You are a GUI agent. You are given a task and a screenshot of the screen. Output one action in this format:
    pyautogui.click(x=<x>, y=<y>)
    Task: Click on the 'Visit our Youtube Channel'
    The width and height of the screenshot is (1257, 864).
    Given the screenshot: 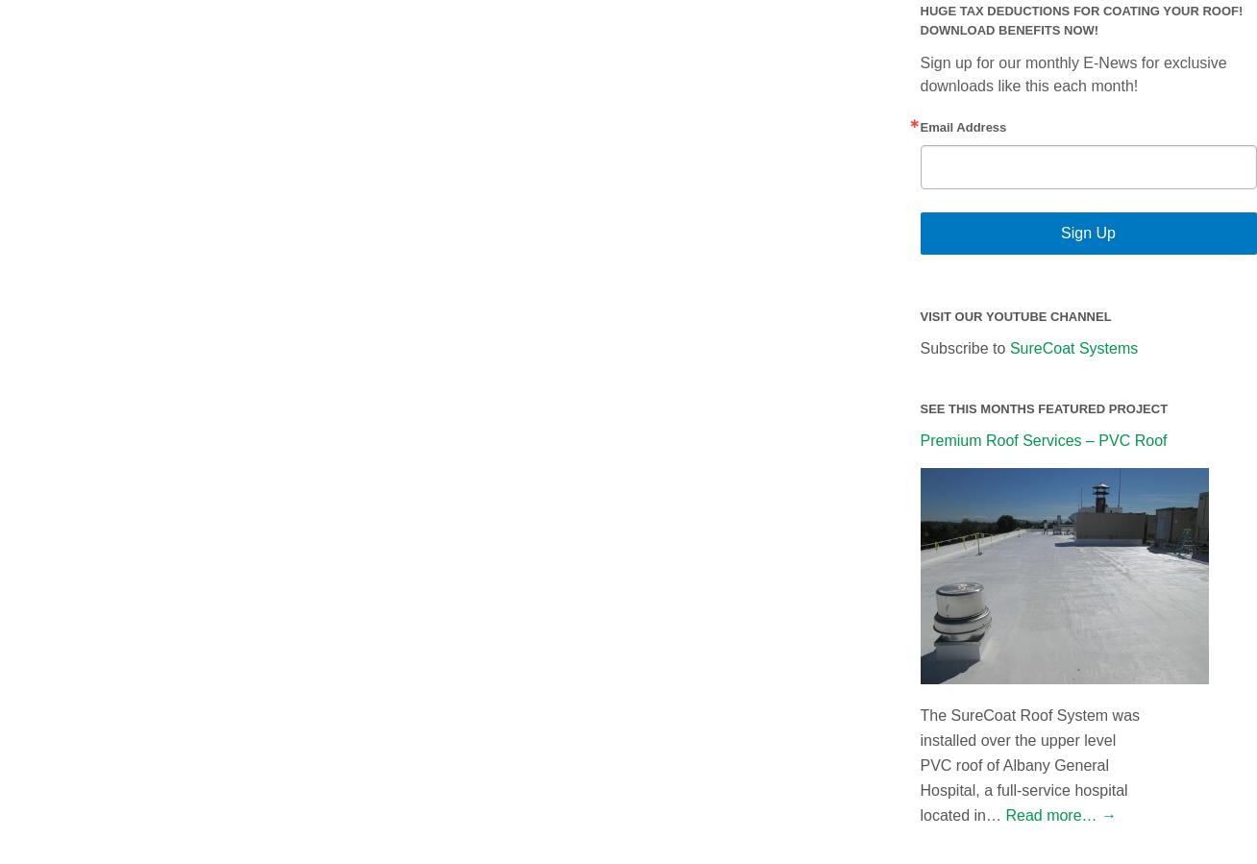 What is the action you would take?
    pyautogui.click(x=1015, y=314)
    